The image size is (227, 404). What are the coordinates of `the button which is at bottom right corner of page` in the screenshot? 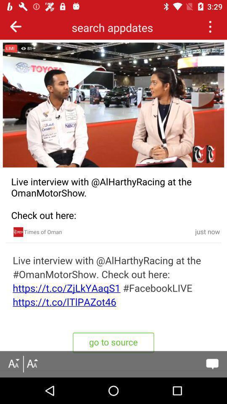 It's located at (212, 364).